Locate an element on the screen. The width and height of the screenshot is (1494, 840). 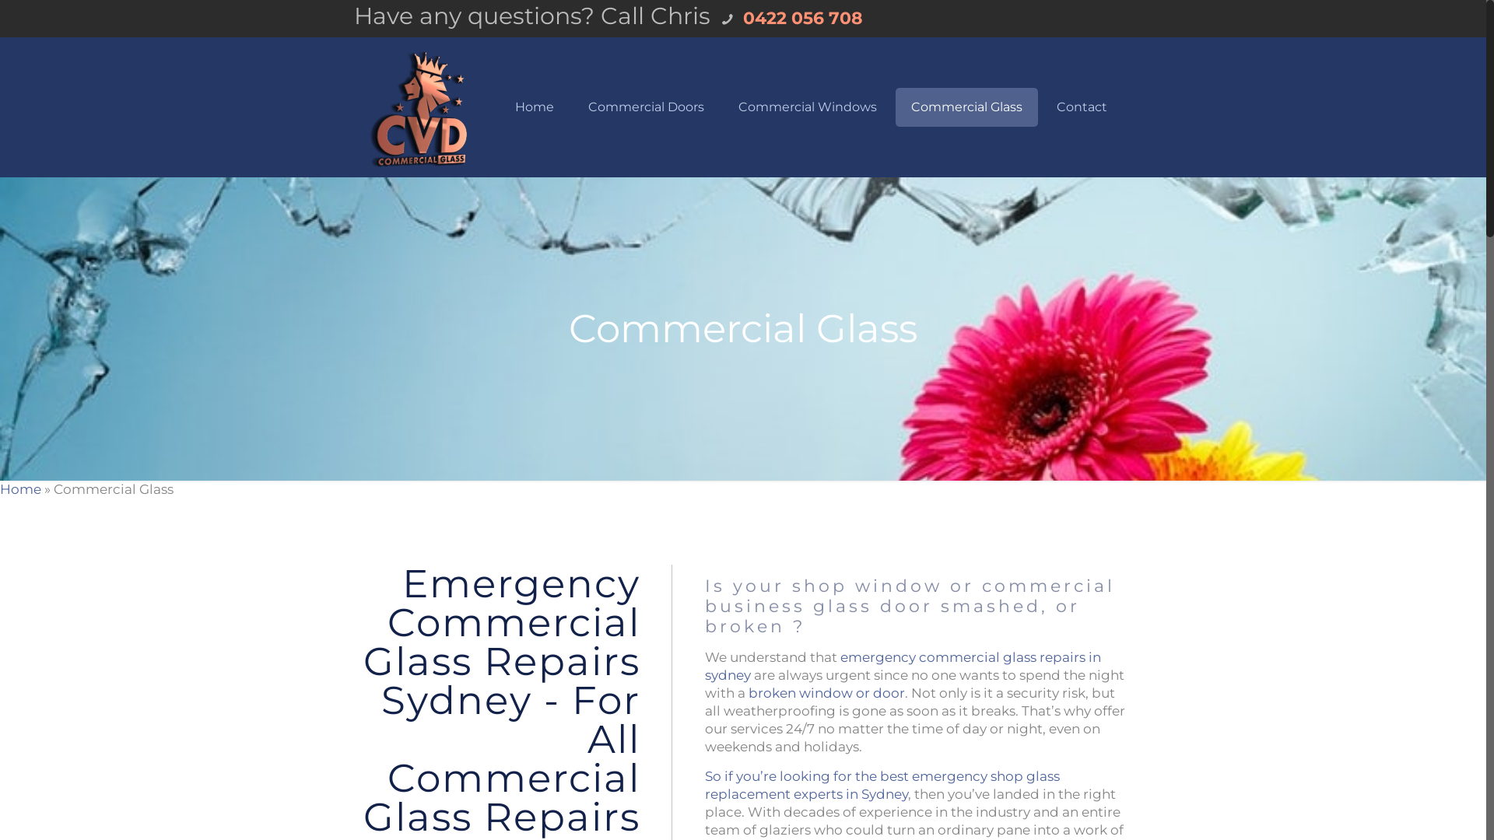
'0422 056 708' is located at coordinates (738, 18).